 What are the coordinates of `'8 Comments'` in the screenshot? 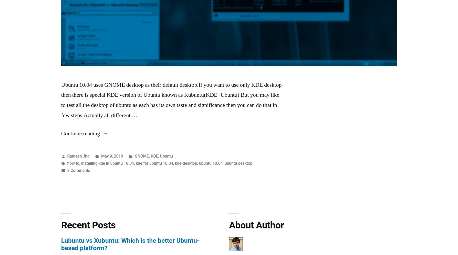 It's located at (78, 170).